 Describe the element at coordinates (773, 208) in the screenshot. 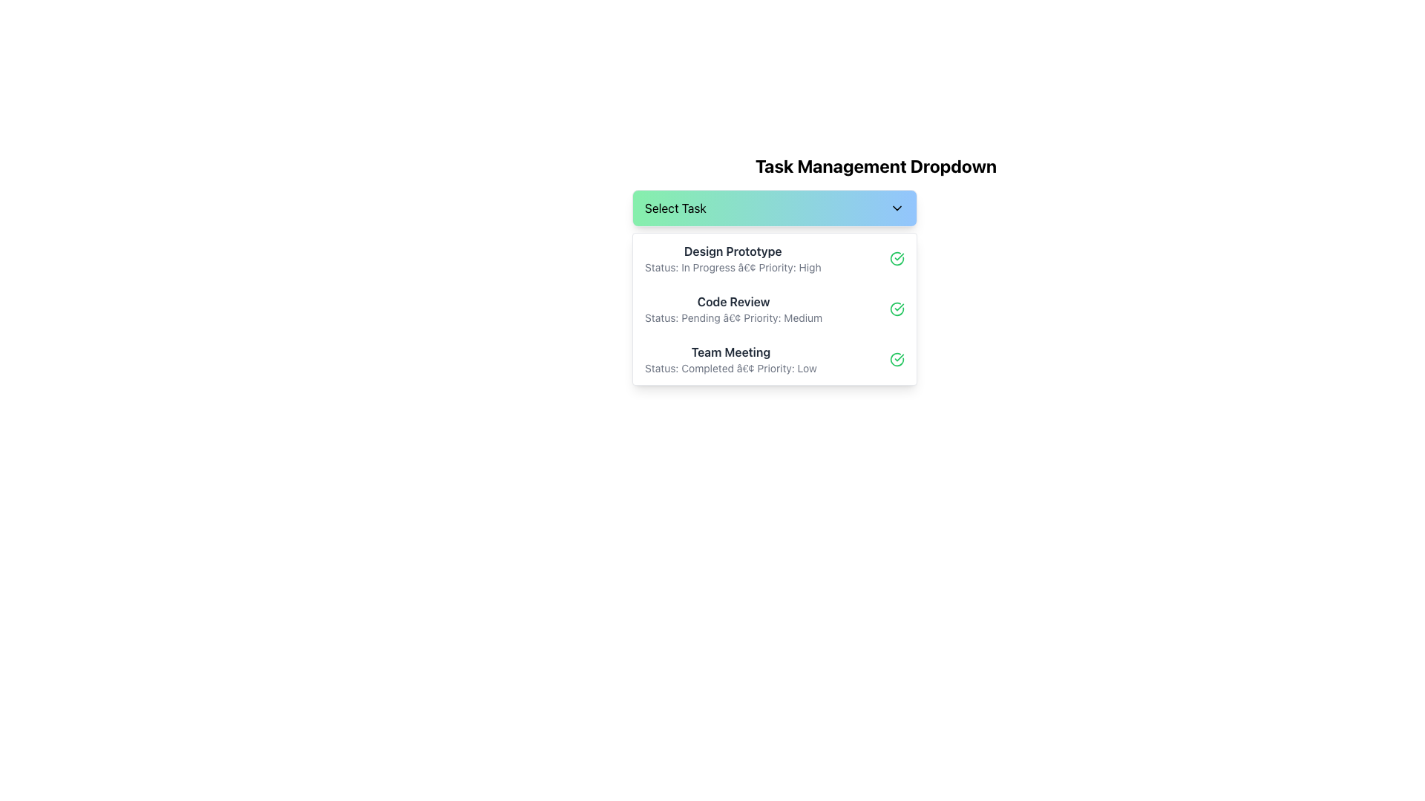

I see `the Dropdown menu button under the 'Task Management Dropdown'` at that location.